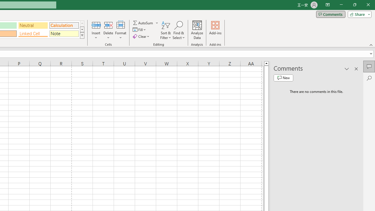 Image resolution: width=375 pixels, height=211 pixels. I want to click on 'Find & Select', so click(178, 30).